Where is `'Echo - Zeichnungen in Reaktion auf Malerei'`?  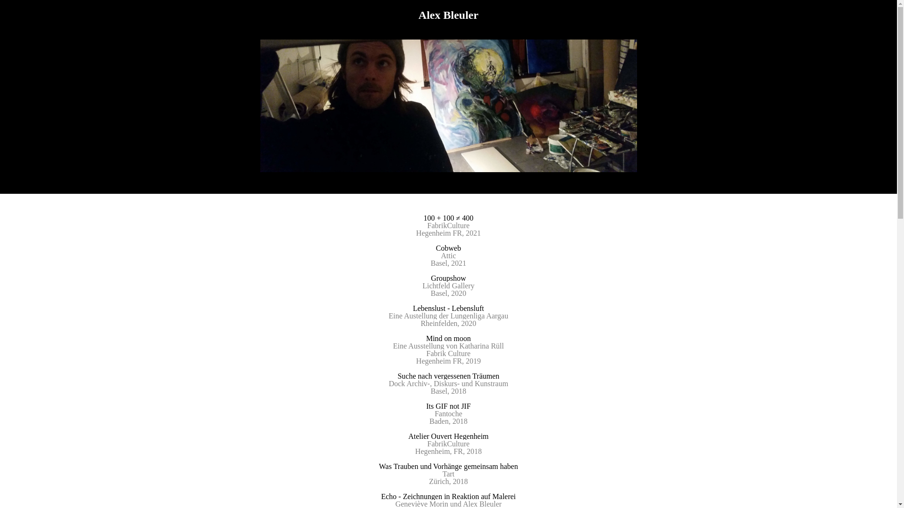
'Echo - Zeichnungen in Reaktion auf Malerei' is located at coordinates (381, 496).